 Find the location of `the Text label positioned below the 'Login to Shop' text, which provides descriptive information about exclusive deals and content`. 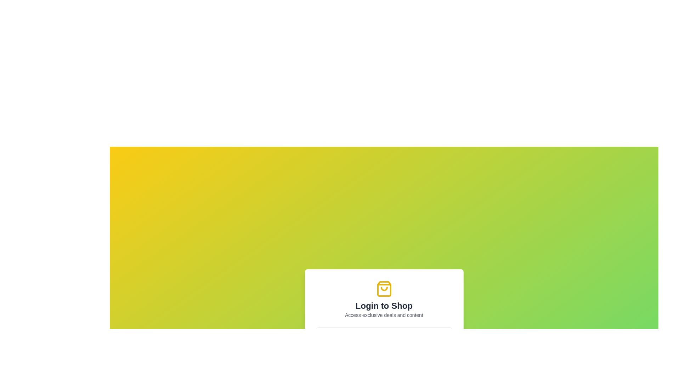

the Text label positioned below the 'Login to Shop' text, which provides descriptive information about exclusive deals and content is located at coordinates (384, 315).